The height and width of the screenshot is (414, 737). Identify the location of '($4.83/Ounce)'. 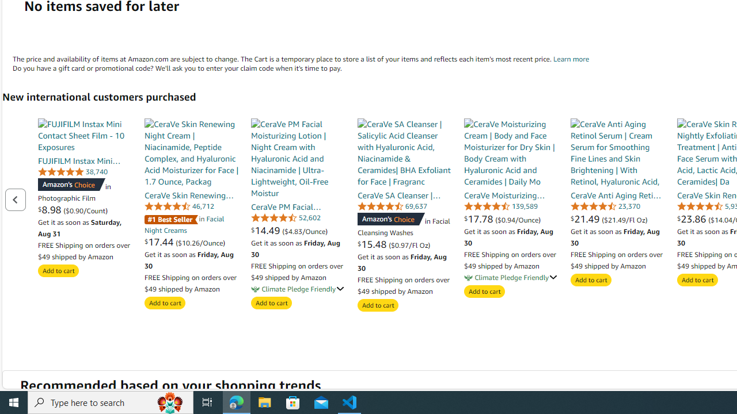
(305, 231).